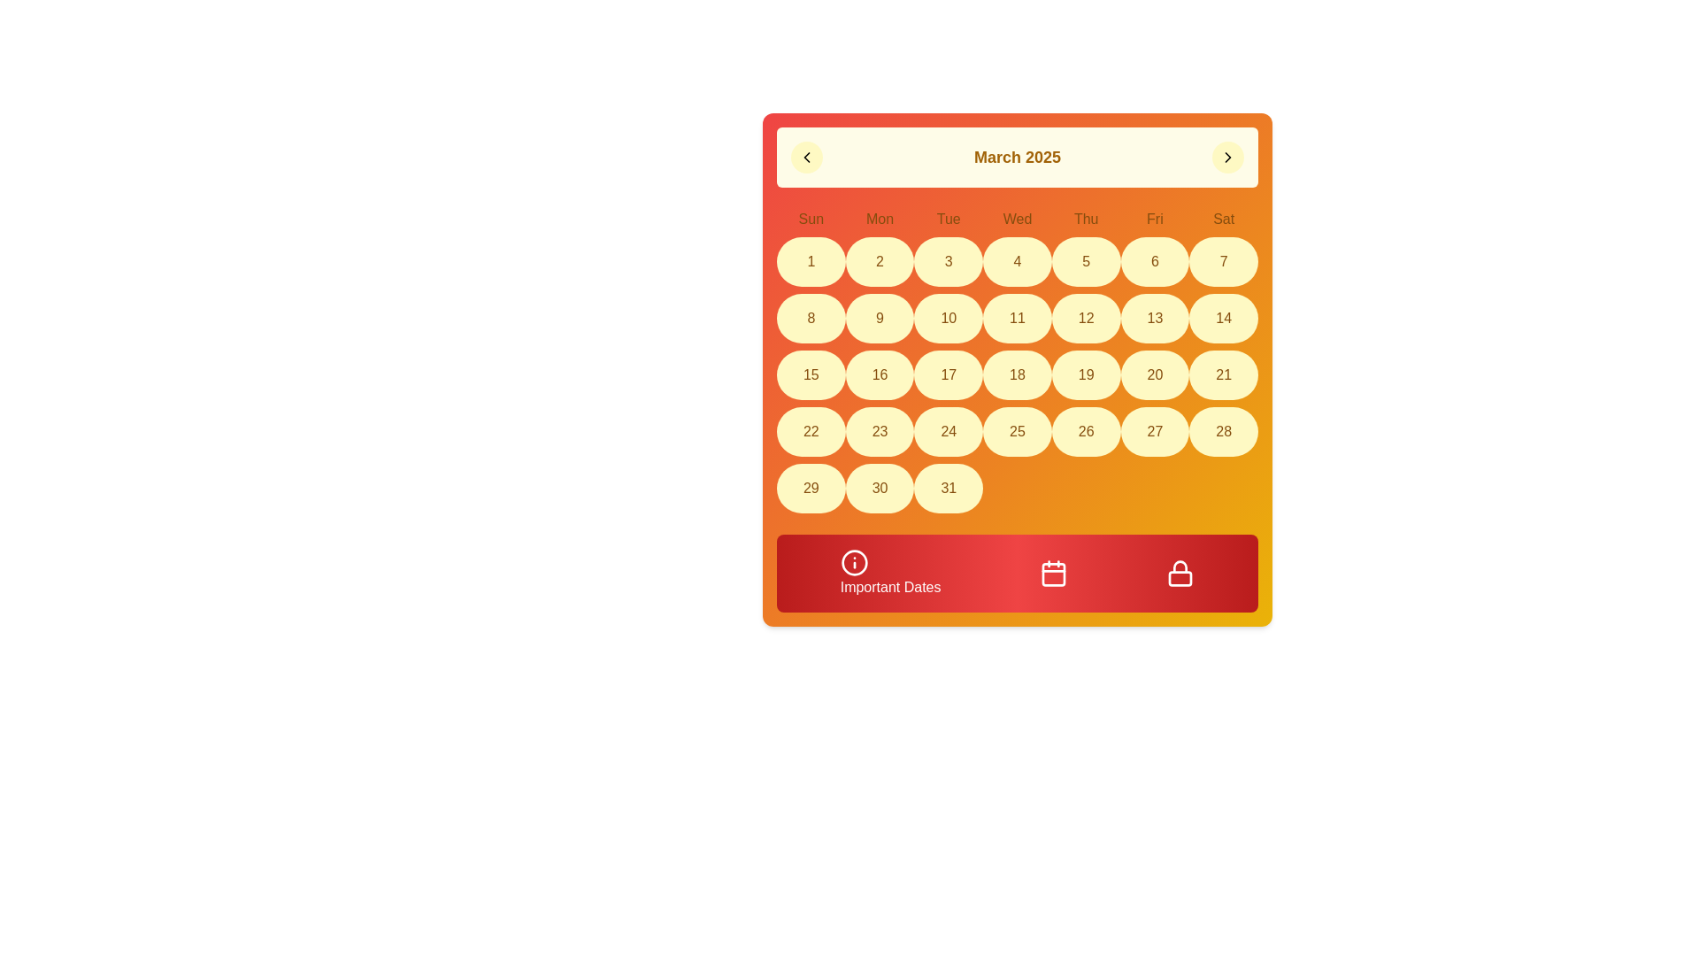 This screenshot has width=1699, height=956. I want to click on the text label displaying 'Fri' in the header row of the calendar layout, which is styled with a 'font-medium' class and located in the sixth column between 'Thu' and 'Sat', so click(1155, 218).